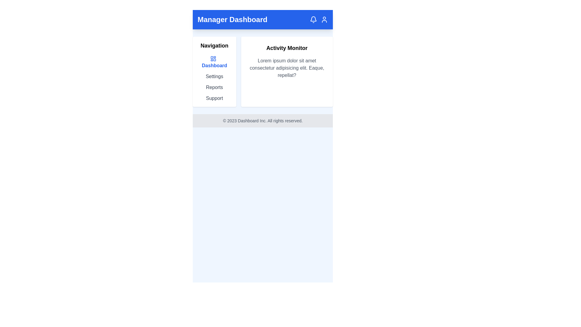  Describe the element at coordinates (324, 19) in the screenshot. I see `the user profile outline icon located in the top-right corner of the blue navigation bar to observe style changes` at that location.